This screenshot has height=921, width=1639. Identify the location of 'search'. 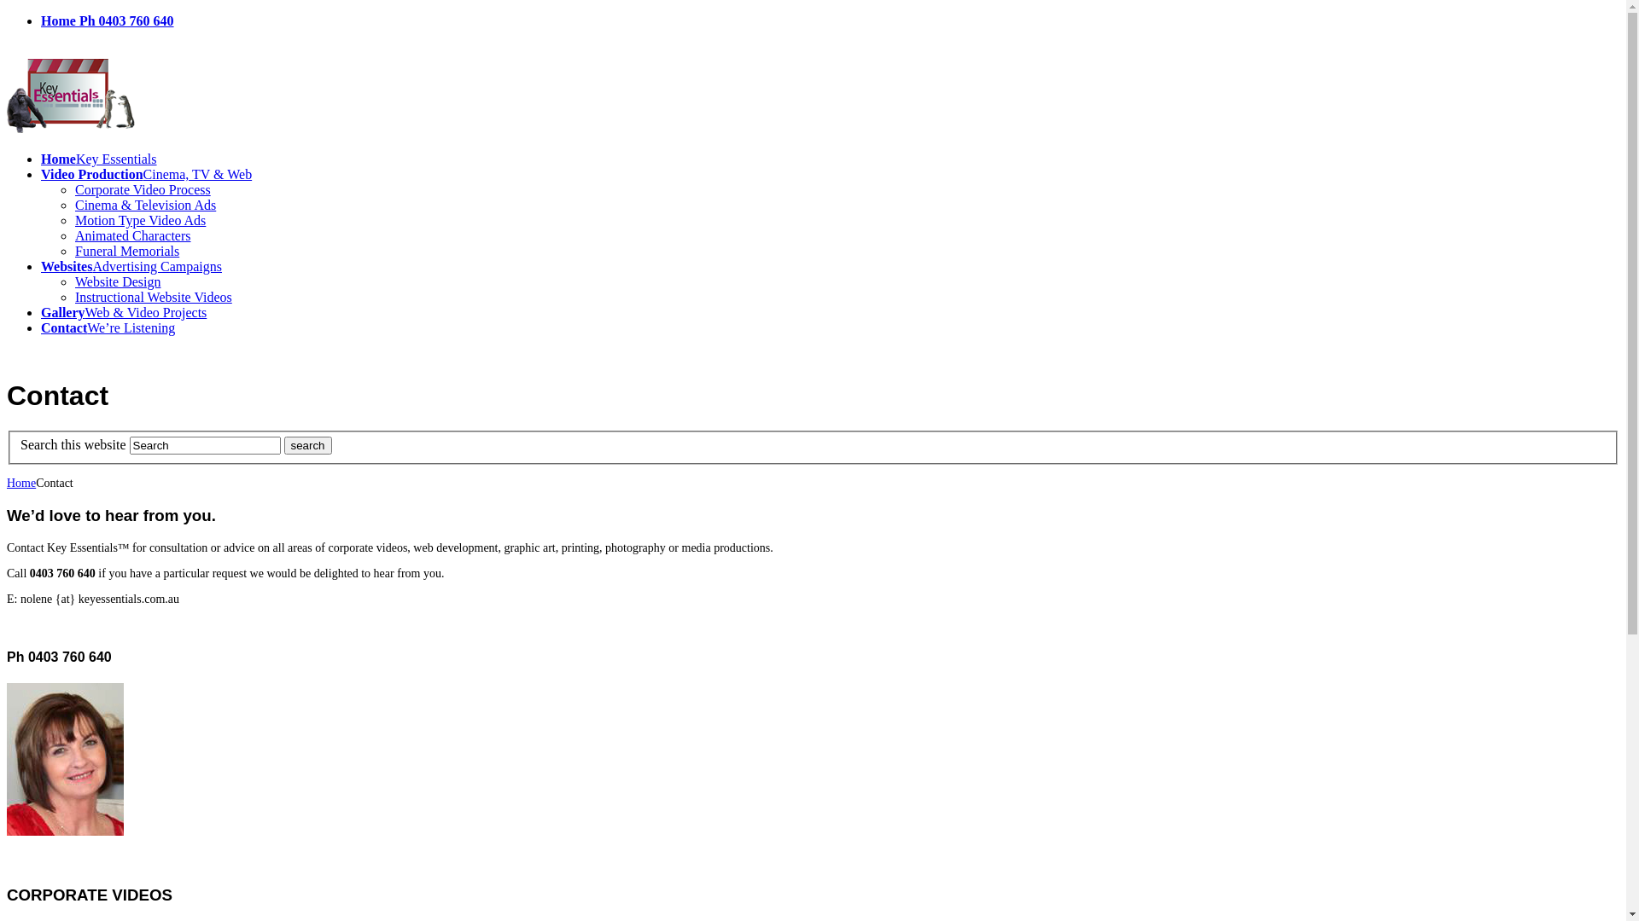
(283, 444).